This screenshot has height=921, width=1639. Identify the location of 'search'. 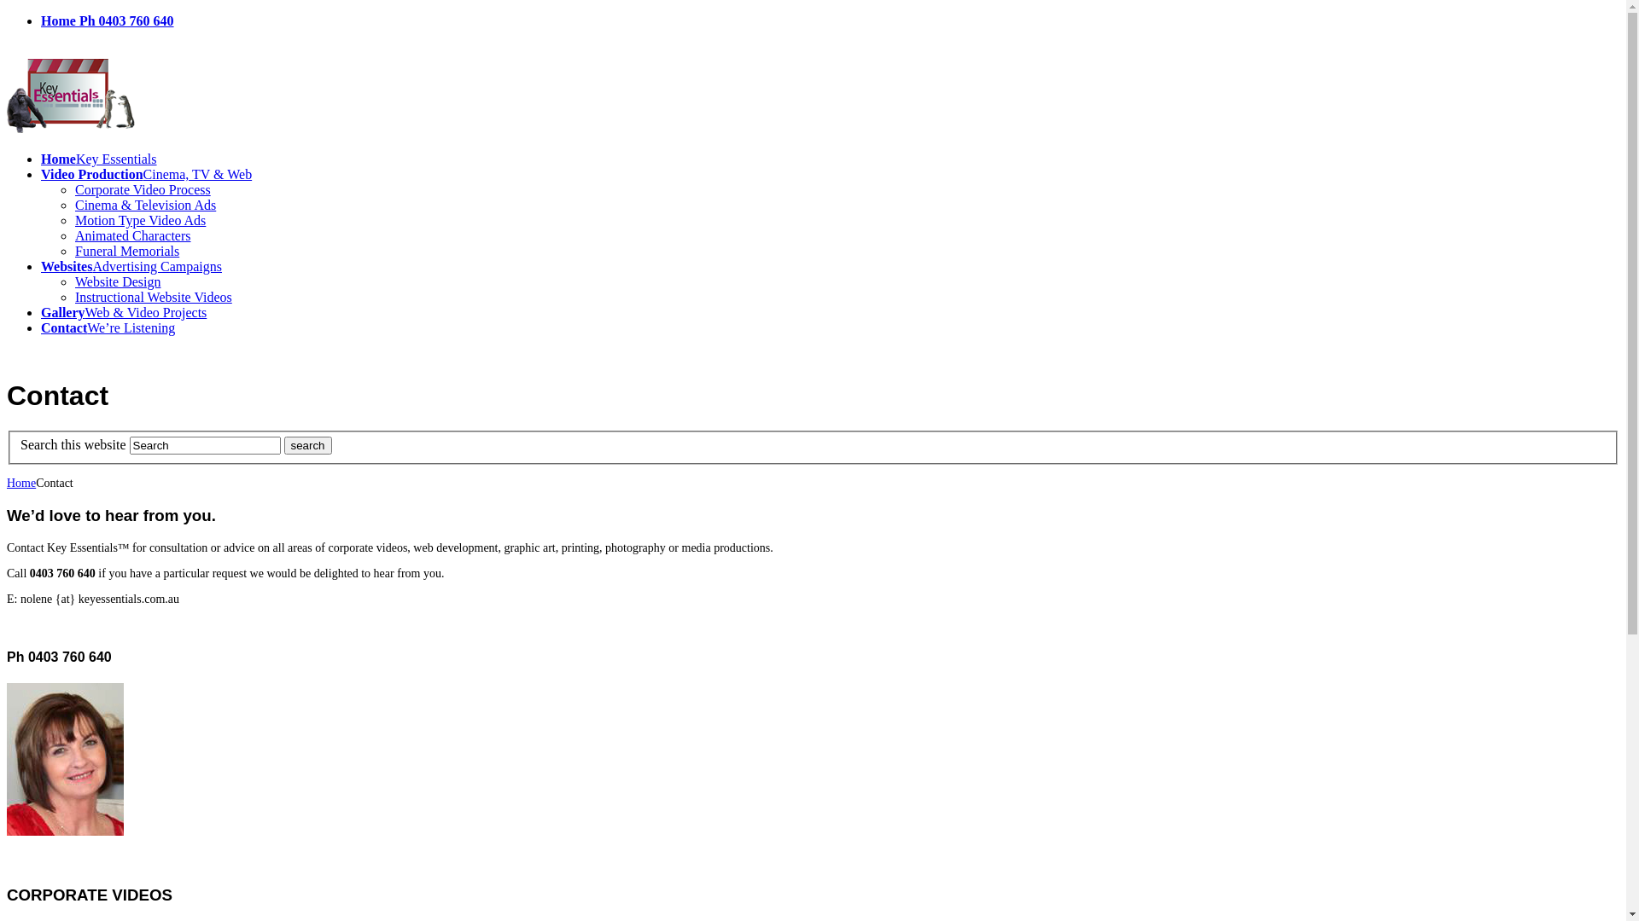
(283, 444).